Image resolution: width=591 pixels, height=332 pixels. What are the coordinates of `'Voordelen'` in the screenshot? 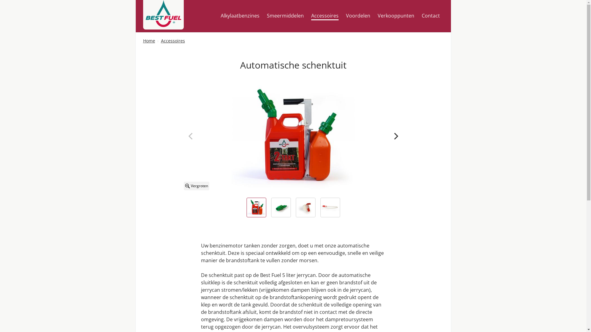 It's located at (358, 15).